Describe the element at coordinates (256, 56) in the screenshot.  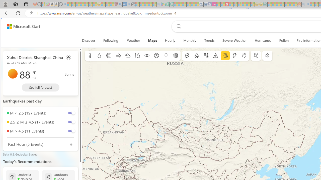
I see `'Ski conditions'` at that location.